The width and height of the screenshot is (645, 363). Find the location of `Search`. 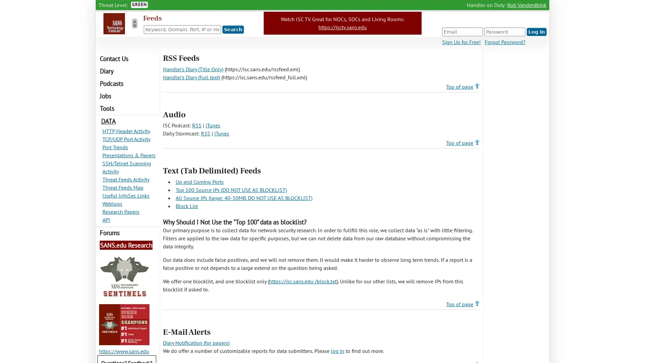

Search is located at coordinates (233, 29).